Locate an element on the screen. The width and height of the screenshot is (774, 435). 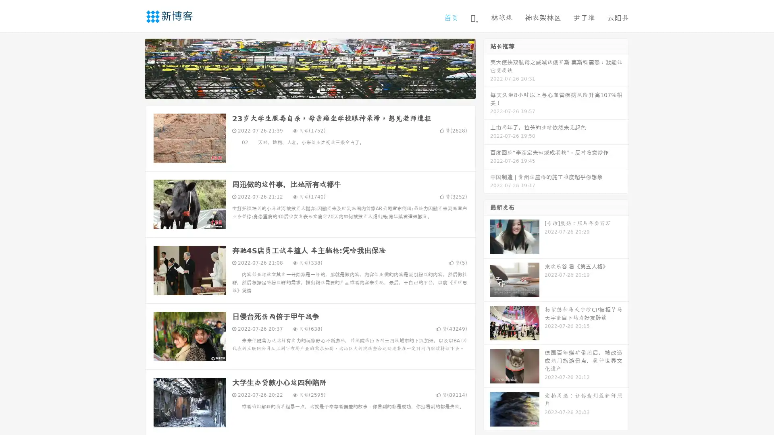
Previous slide is located at coordinates (133, 68).